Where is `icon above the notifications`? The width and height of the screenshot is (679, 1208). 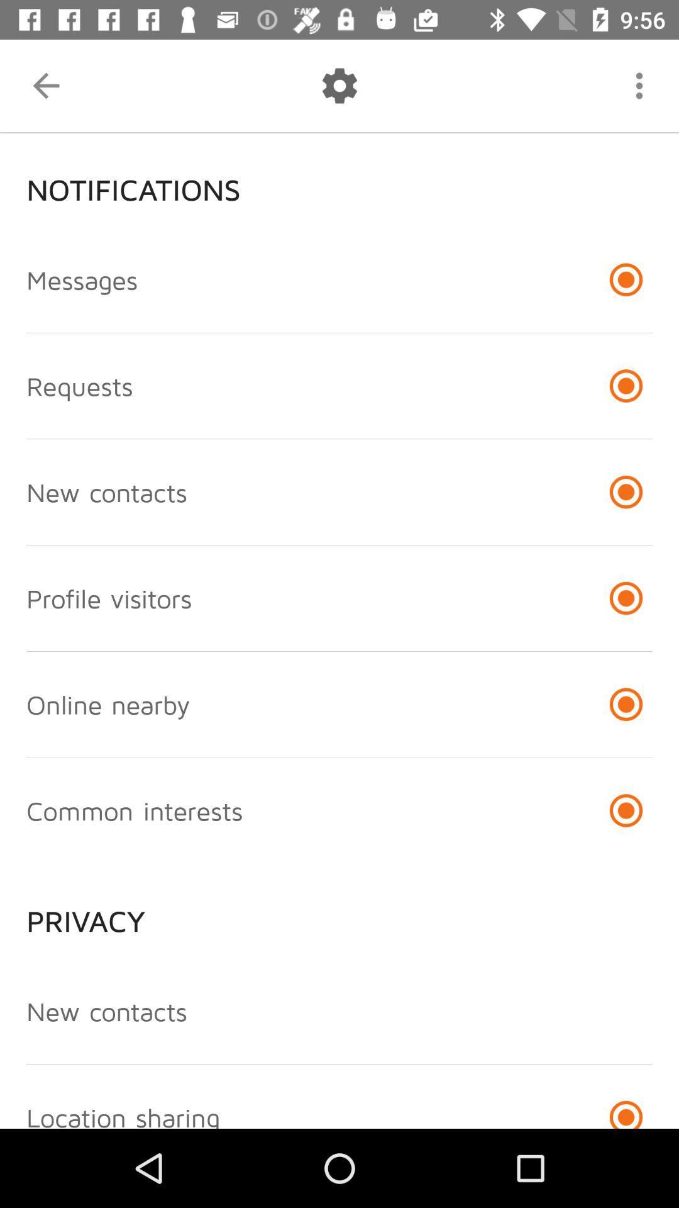 icon above the notifications is located at coordinates (45, 85).